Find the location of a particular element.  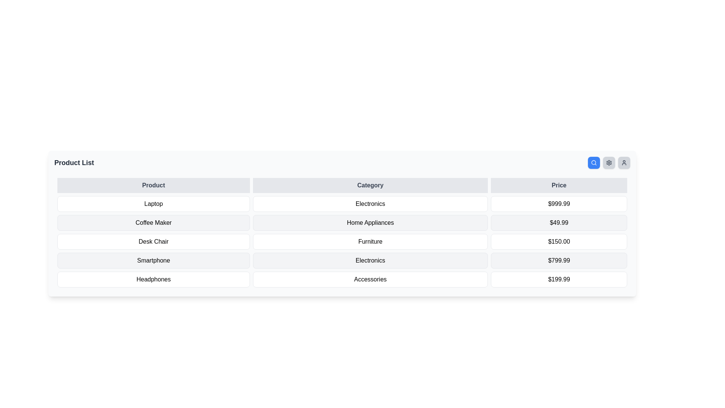

the third row of the product listing table, which contains details about a specific item is located at coordinates (342, 242).